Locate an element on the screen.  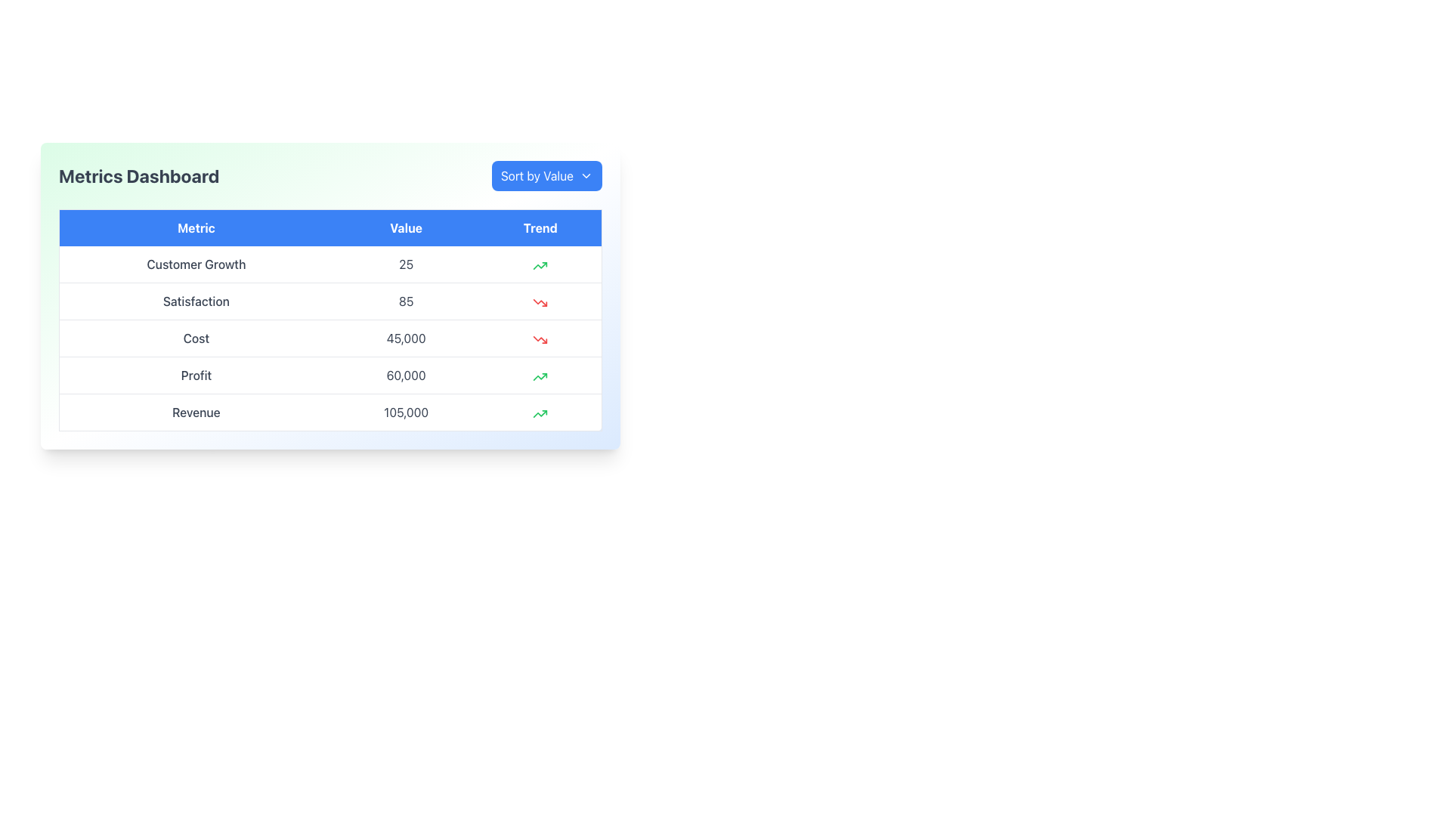
the displayed revenue amount located in the fifth row of the table labeled 'Revenue', under the column labeled 'Value' is located at coordinates (406, 413).